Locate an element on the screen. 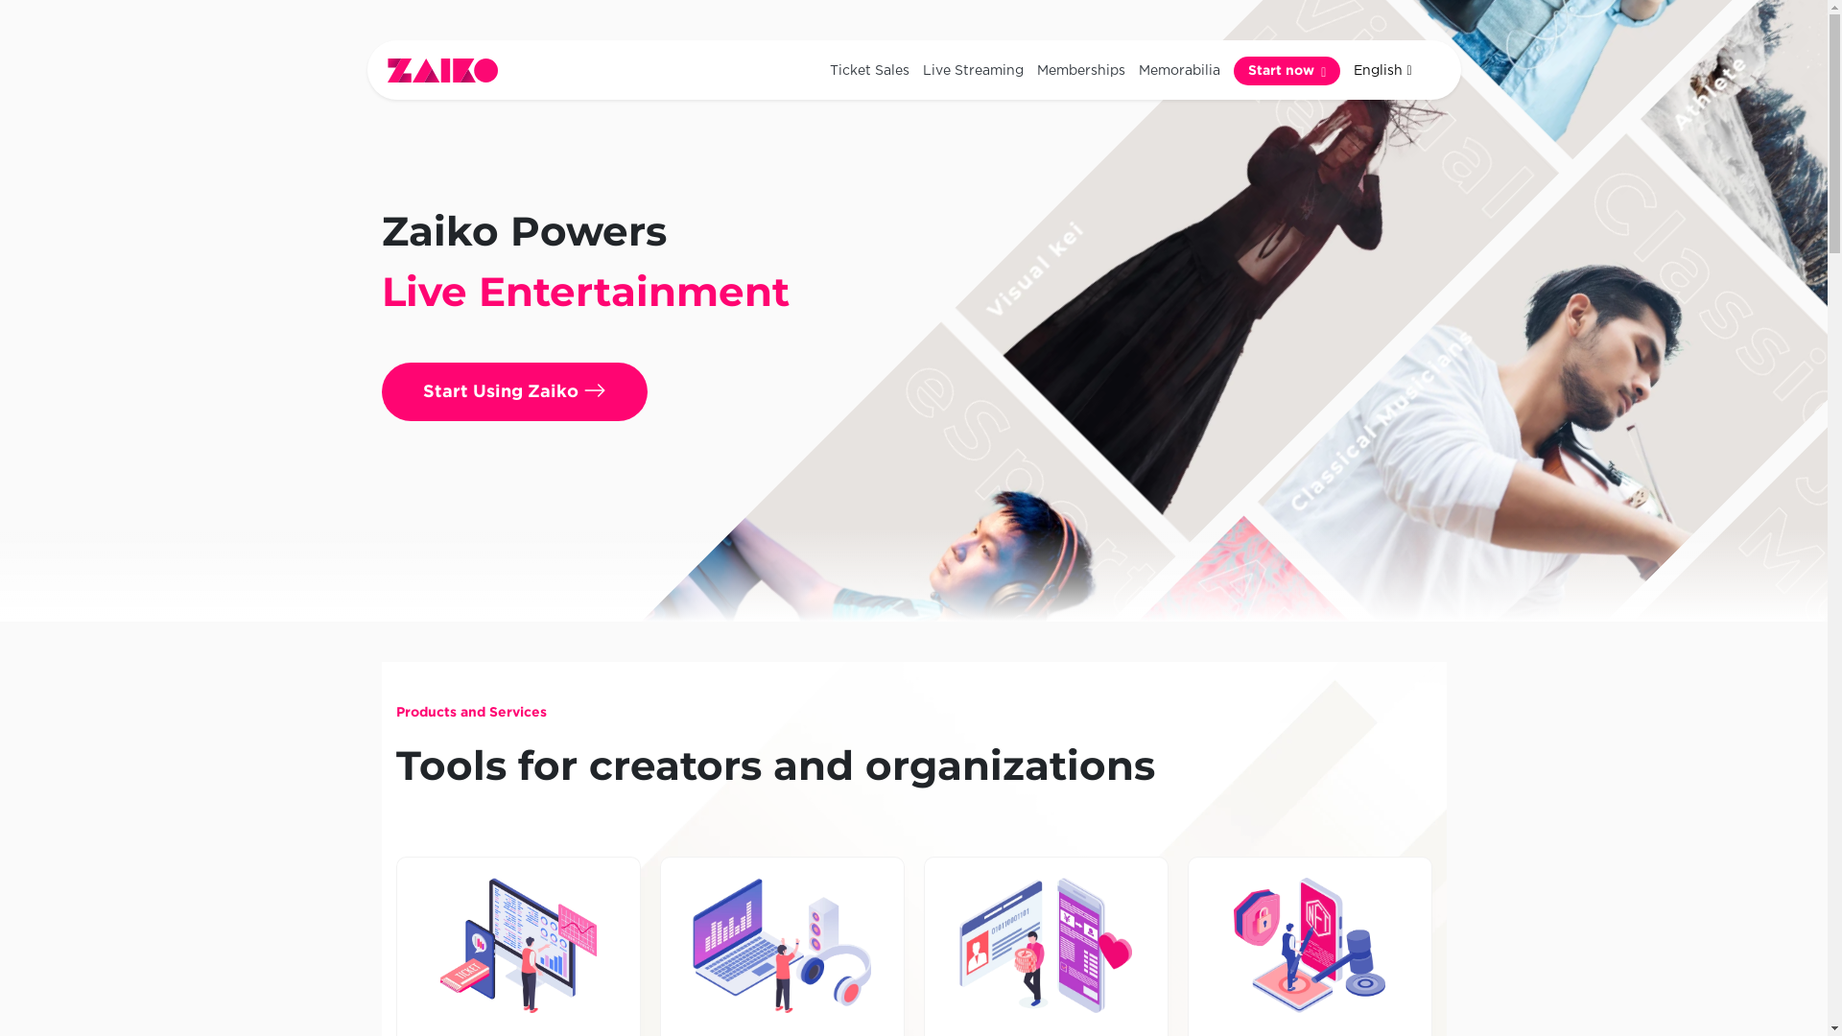  'Start now' is located at coordinates (1287, 69).